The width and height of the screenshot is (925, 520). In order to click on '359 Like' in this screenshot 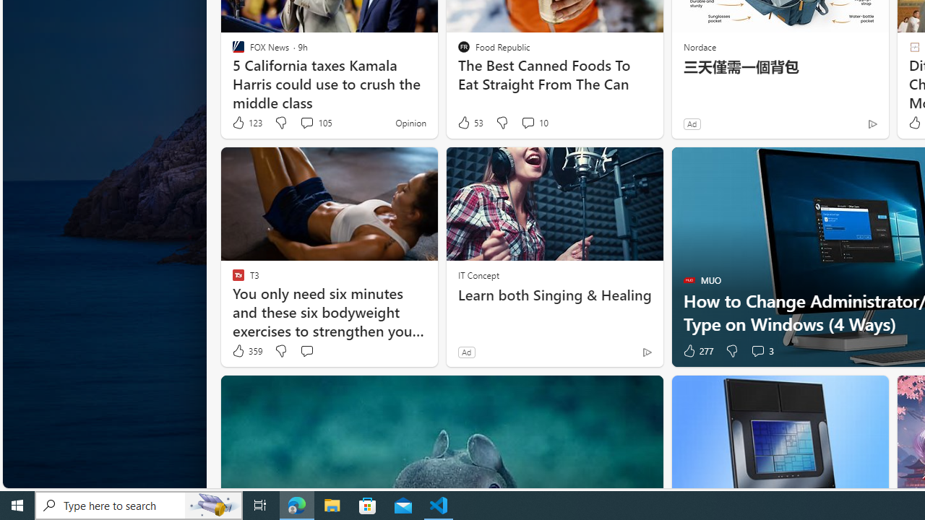, I will do `click(246, 351)`.